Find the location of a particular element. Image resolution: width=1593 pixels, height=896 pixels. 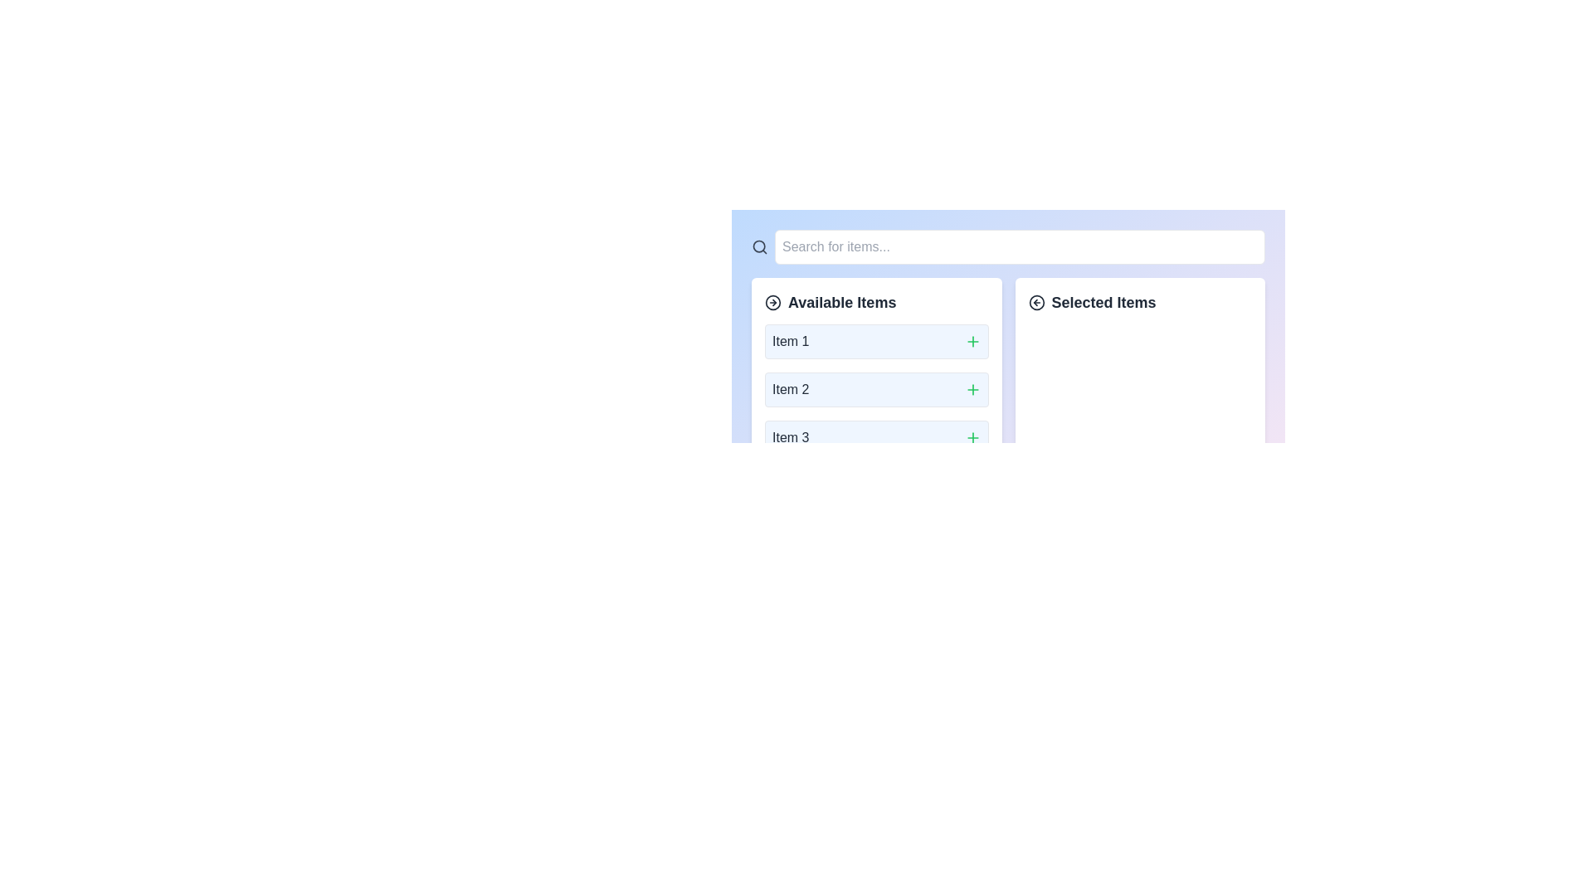

the text label identifying 'Item 2' in the list of available items, which is positioned under the 'Available Items' header is located at coordinates (790, 390).